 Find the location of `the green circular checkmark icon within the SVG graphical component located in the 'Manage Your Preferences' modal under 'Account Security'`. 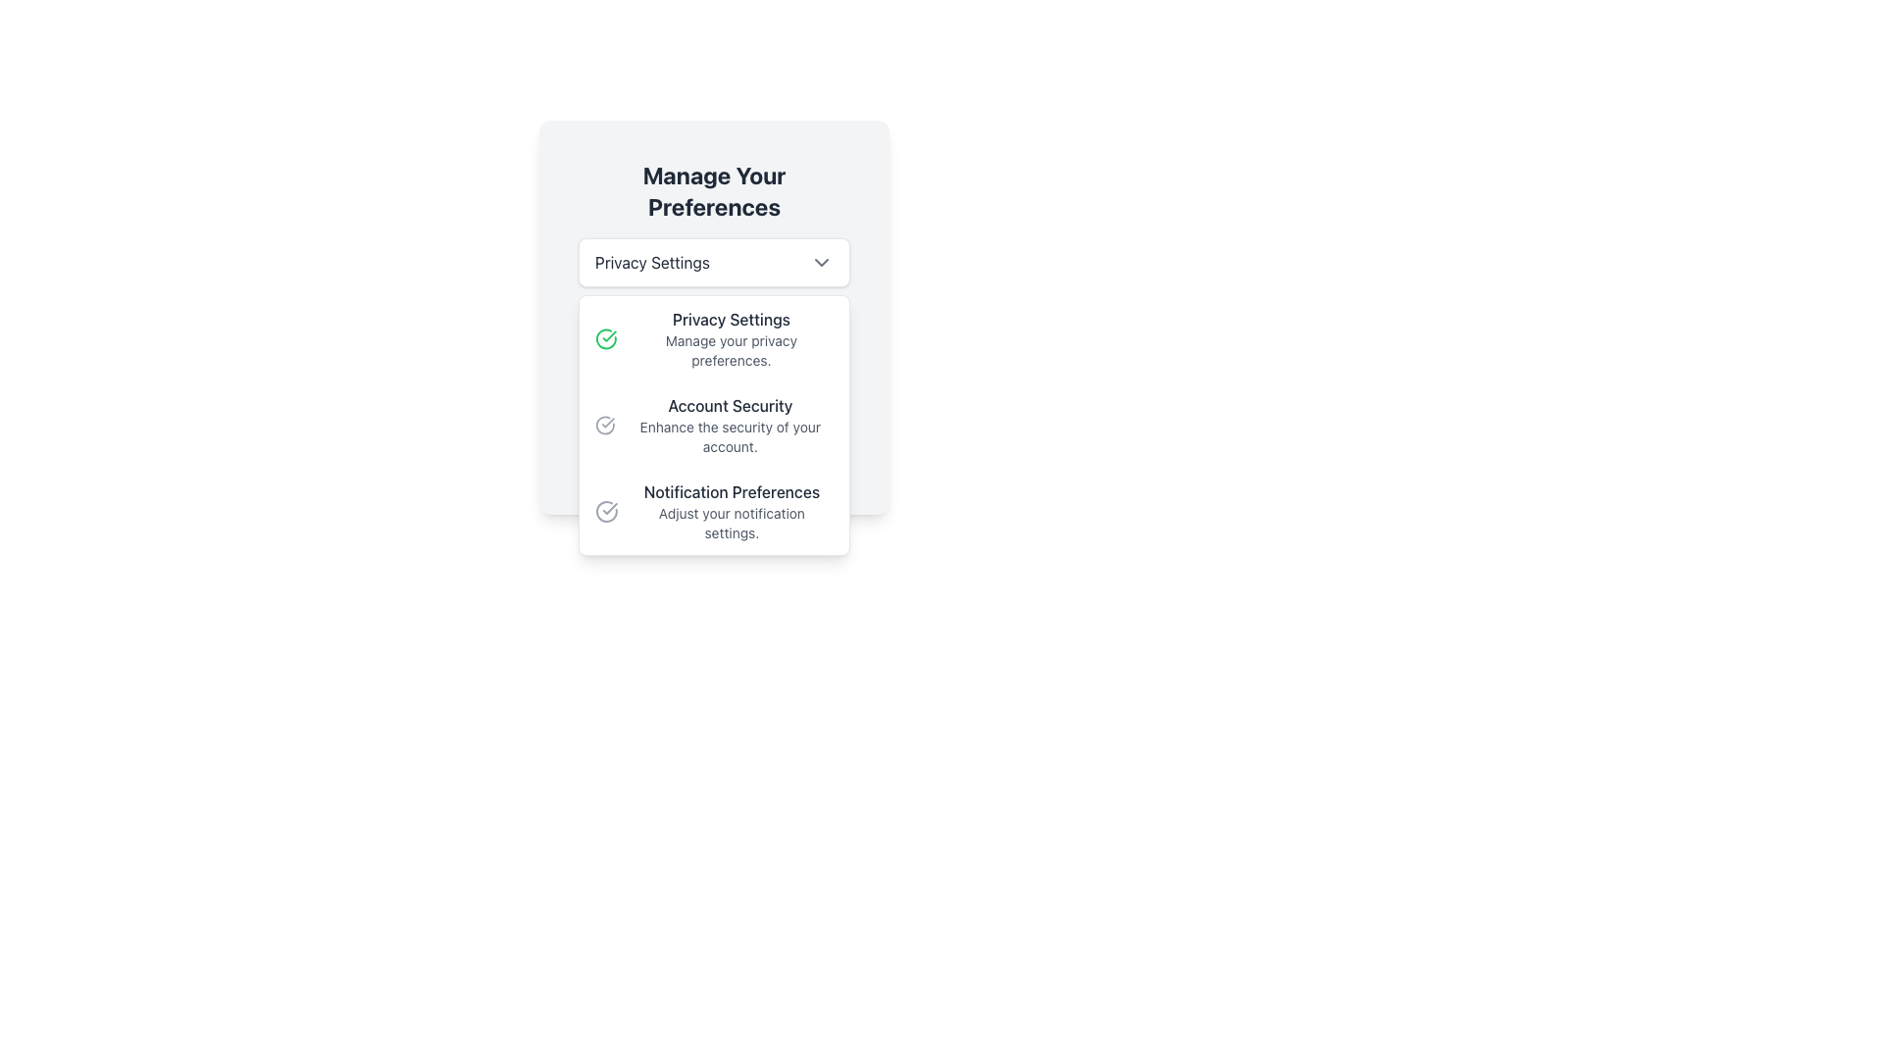

the green circular checkmark icon within the SVG graphical component located in the 'Manage Your Preferences' modal under 'Account Security' is located at coordinates (608, 335).